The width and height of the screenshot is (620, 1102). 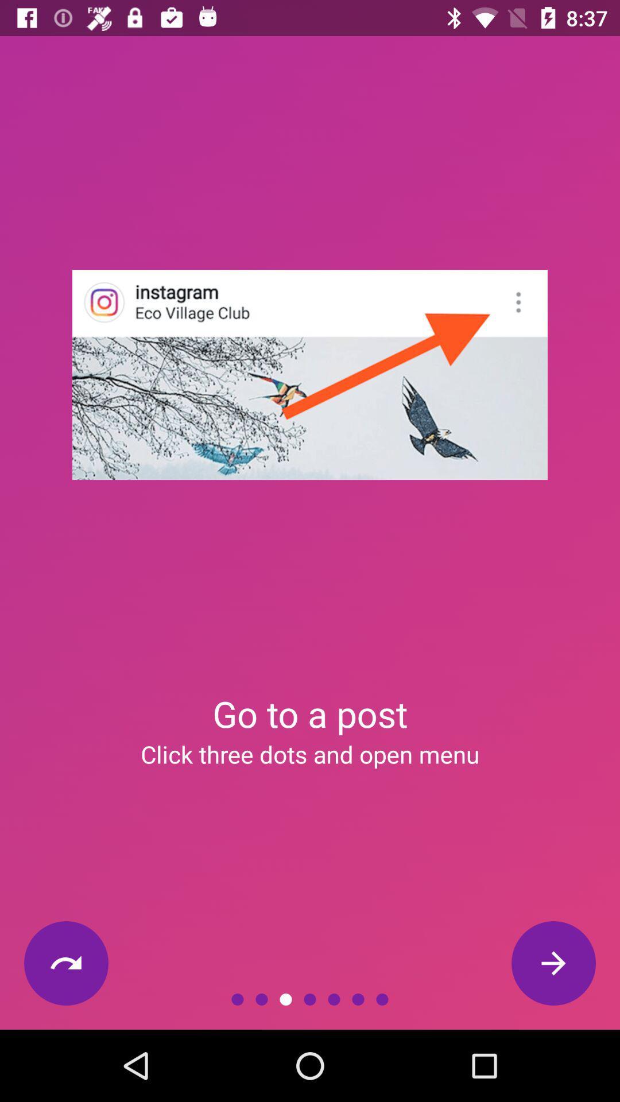 I want to click on the icon below the click three dots, so click(x=66, y=963).